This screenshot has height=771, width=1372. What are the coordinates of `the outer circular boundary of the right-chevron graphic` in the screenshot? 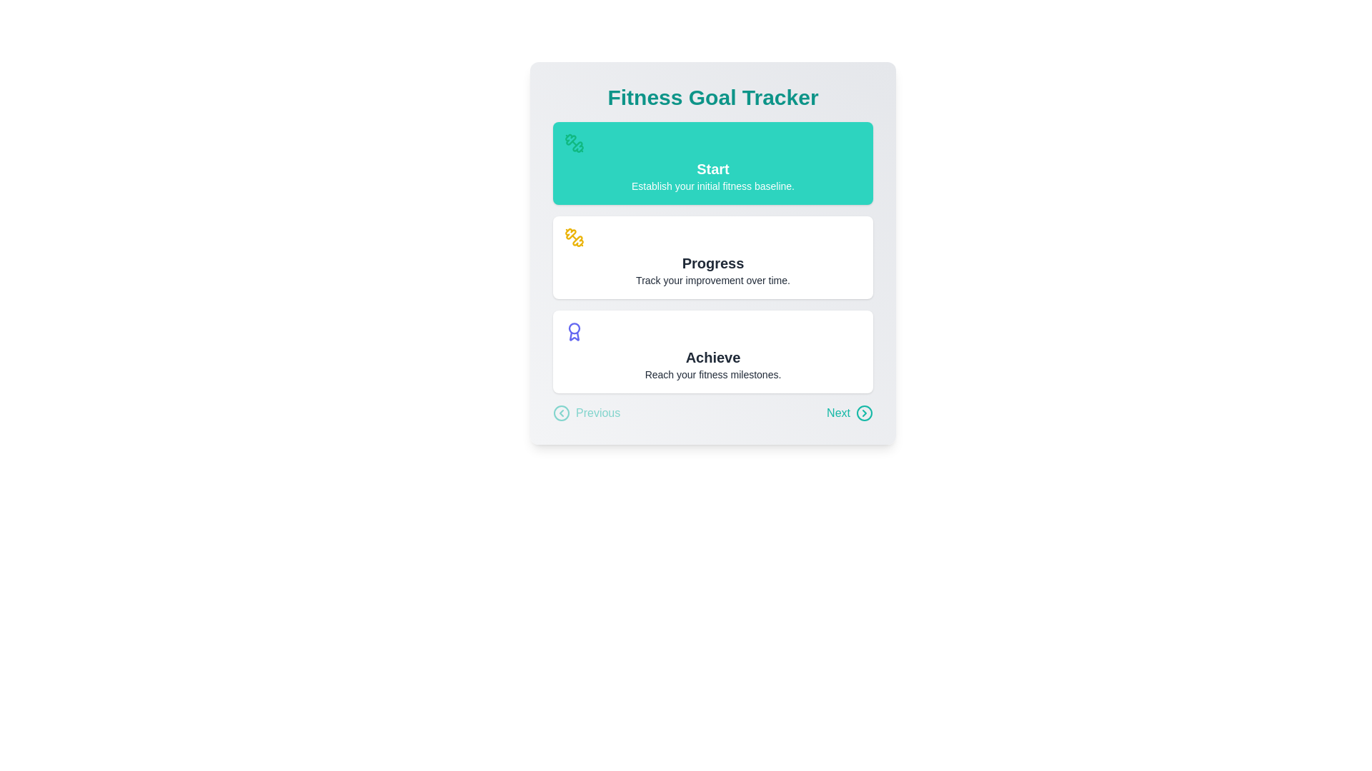 It's located at (863, 413).